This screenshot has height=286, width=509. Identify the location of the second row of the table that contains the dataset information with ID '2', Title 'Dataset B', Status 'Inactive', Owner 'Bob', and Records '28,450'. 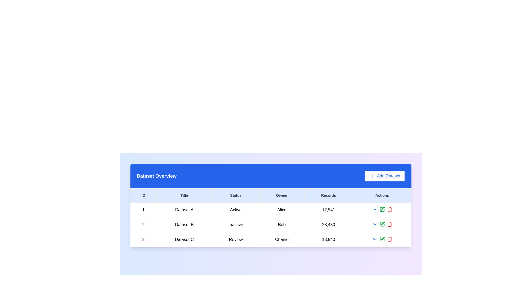
(271, 225).